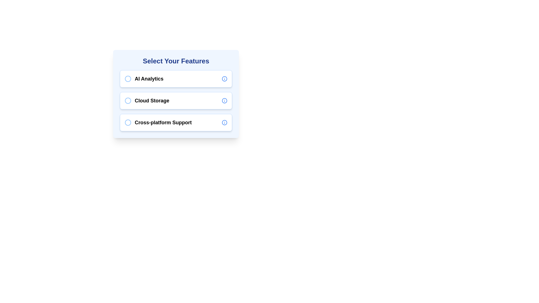 The width and height of the screenshot is (539, 303). Describe the element at coordinates (144, 79) in the screenshot. I see `the text label displaying 'AI Analytics'` at that location.